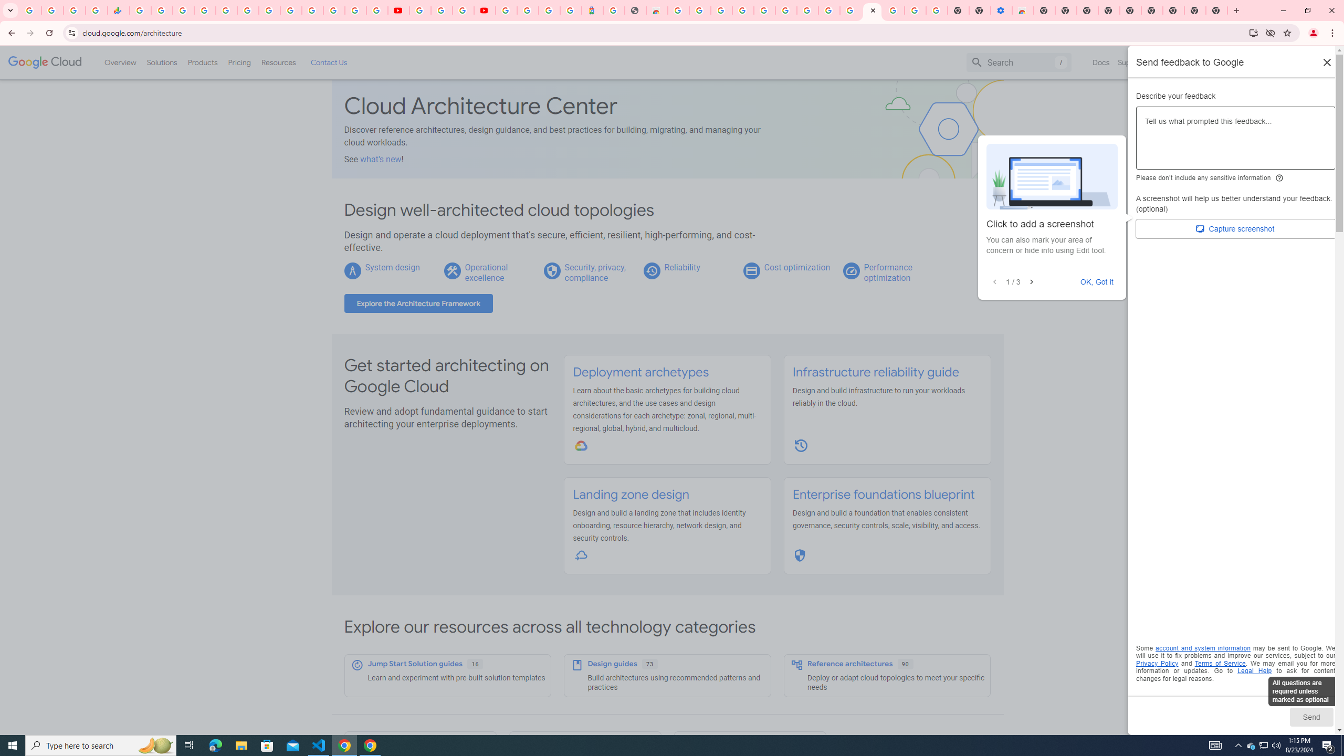  What do you see at coordinates (376, 10) in the screenshot?
I see `'Privacy Checkup'` at bounding box center [376, 10].